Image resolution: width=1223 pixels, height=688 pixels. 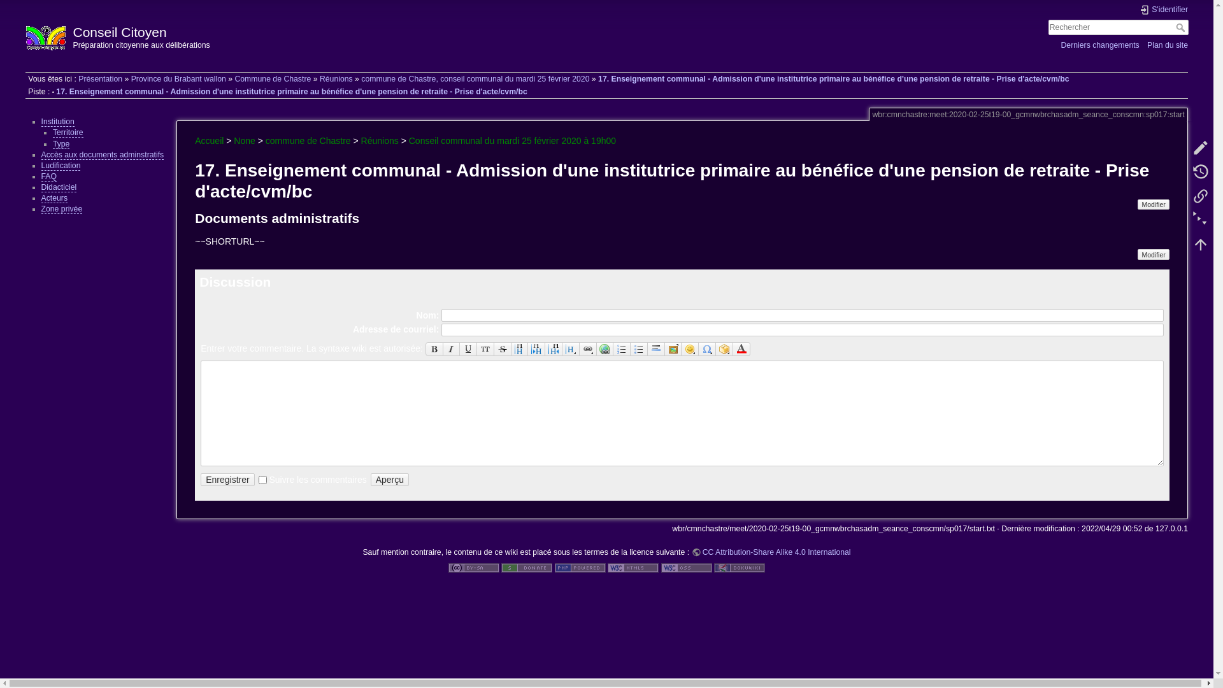 What do you see at coordinates (57, 187) in the screenshot?
I see `'Didacticiel'` at bounding box center [57, 187].